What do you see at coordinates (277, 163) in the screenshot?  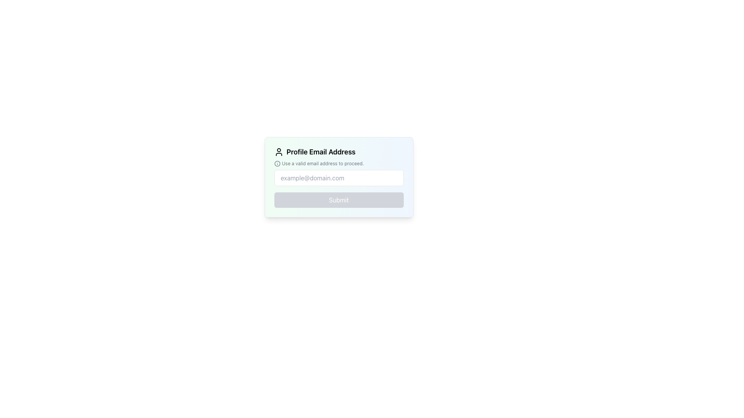 I see `the information icon that precedes the text 'Use a valid email address to proceed' to reveal additional details` at bounding box center [277, 163].